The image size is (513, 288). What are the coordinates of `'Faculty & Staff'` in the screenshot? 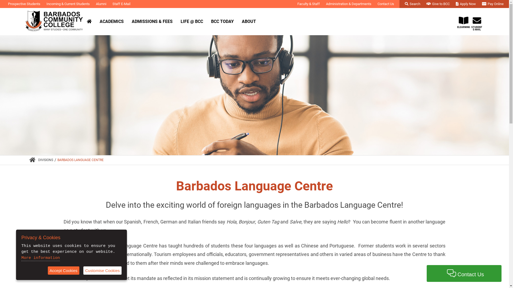 It's located at (309, 4).